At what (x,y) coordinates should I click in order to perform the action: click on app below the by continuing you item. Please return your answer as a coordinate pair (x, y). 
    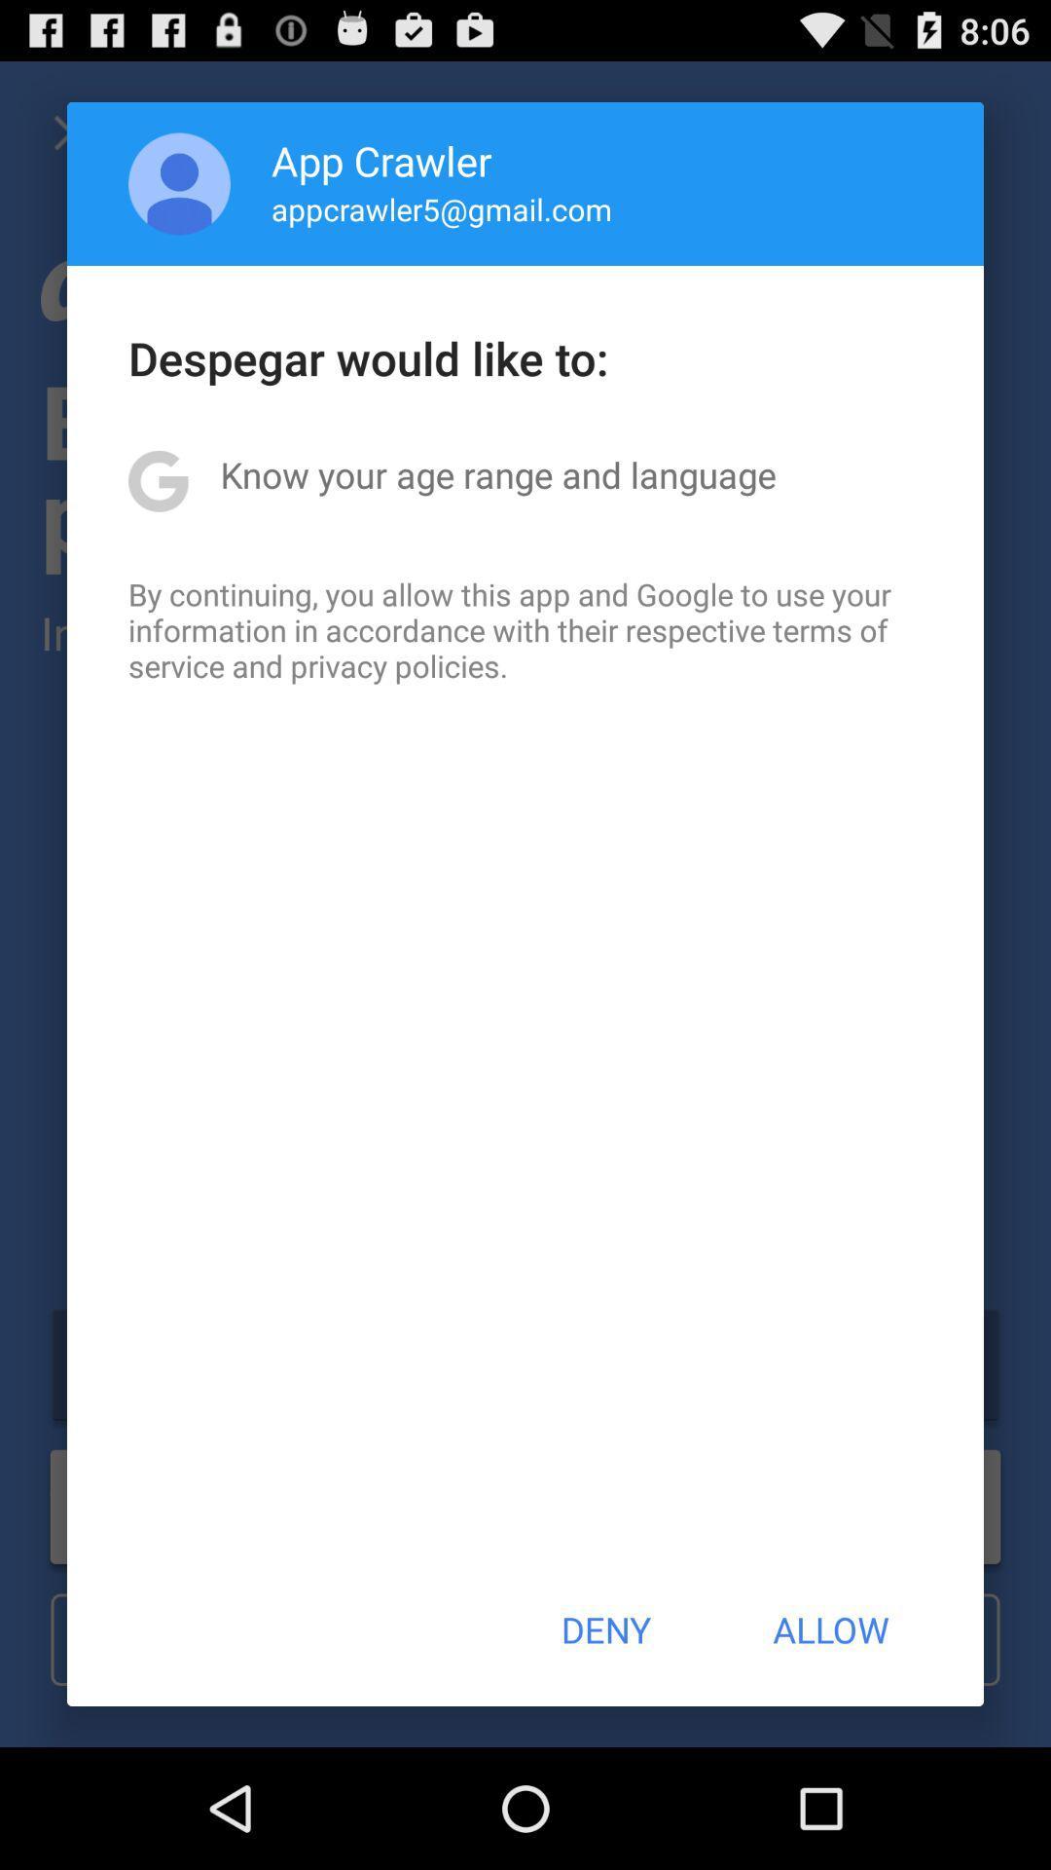
    Looking at the image, I should click on (604, 1629).